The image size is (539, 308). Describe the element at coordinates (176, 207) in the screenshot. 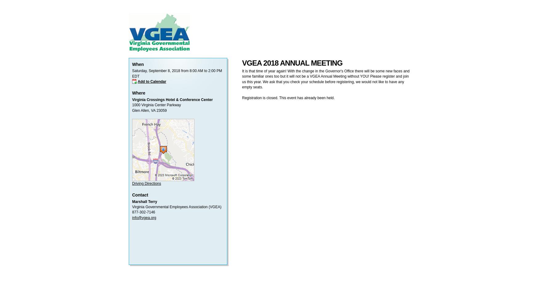

I see `'Virginia Governmental Employees Association (VGEA)'` at that location.